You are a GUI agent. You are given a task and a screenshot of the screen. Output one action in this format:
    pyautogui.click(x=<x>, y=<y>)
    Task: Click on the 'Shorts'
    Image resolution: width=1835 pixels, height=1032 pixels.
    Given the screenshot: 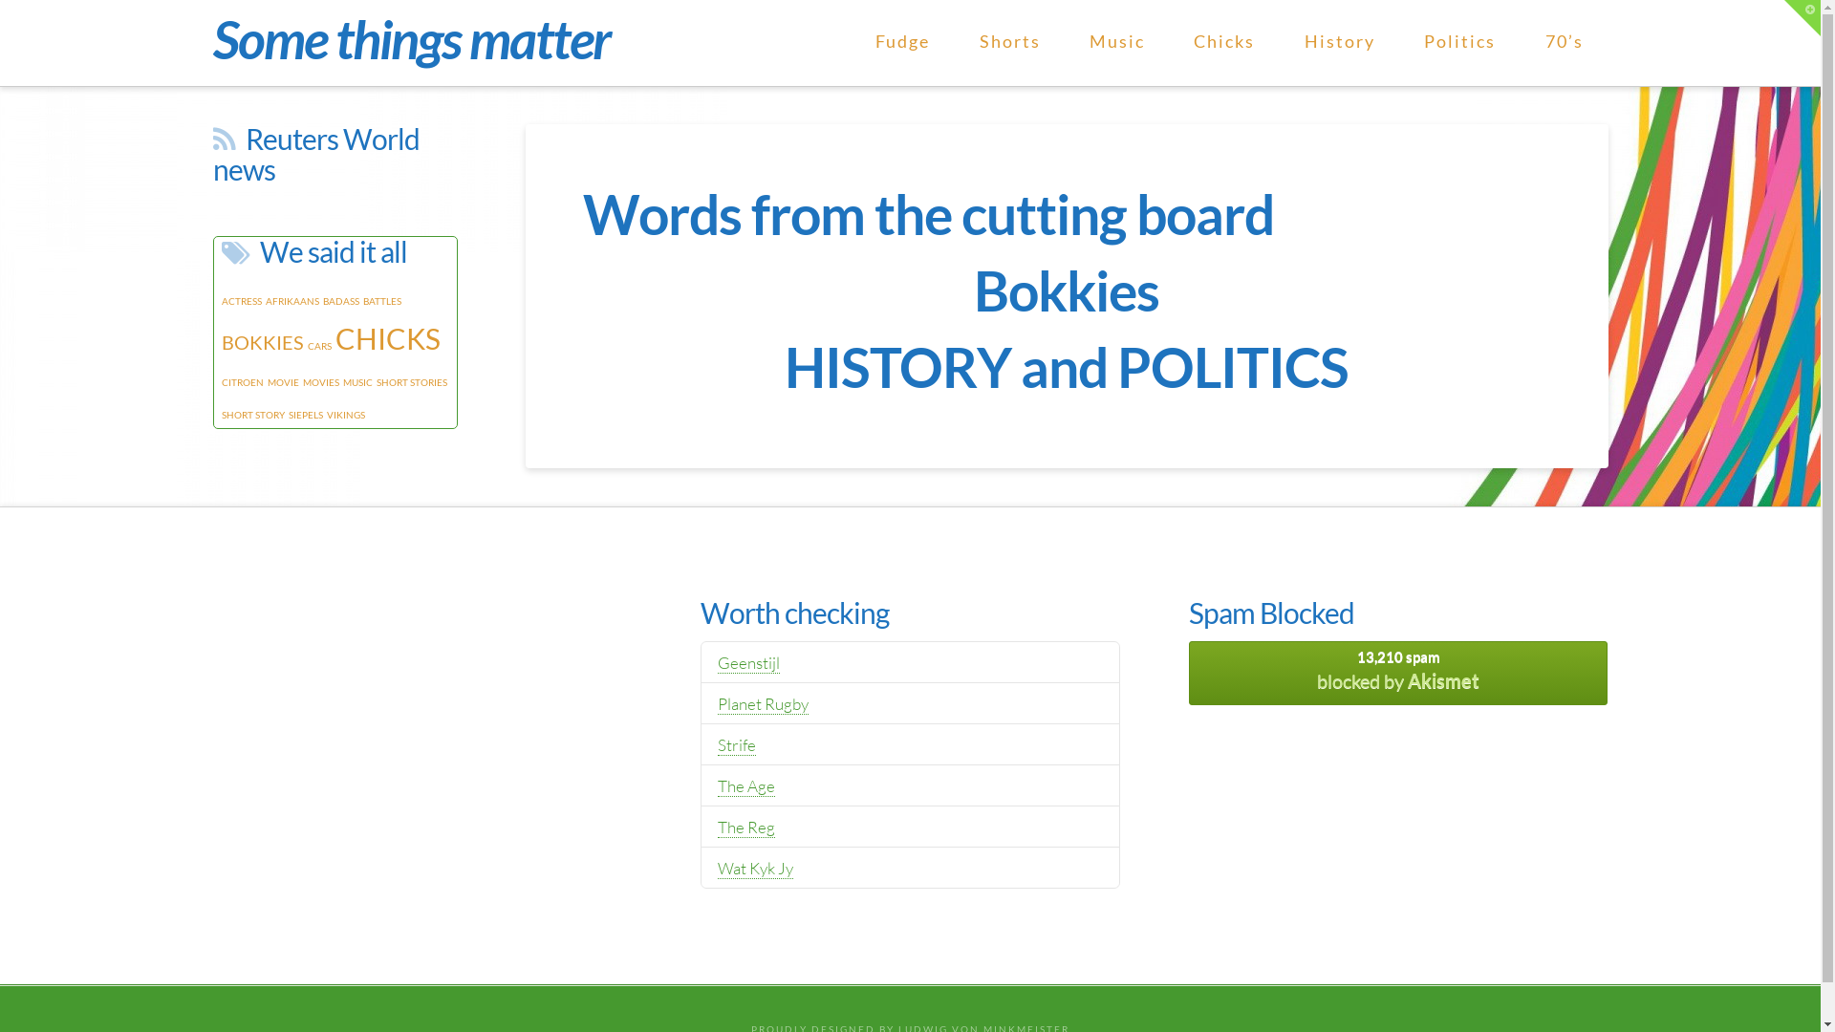 What is the action you would take?
    pyautogui.click(x=1008, y=43)
    